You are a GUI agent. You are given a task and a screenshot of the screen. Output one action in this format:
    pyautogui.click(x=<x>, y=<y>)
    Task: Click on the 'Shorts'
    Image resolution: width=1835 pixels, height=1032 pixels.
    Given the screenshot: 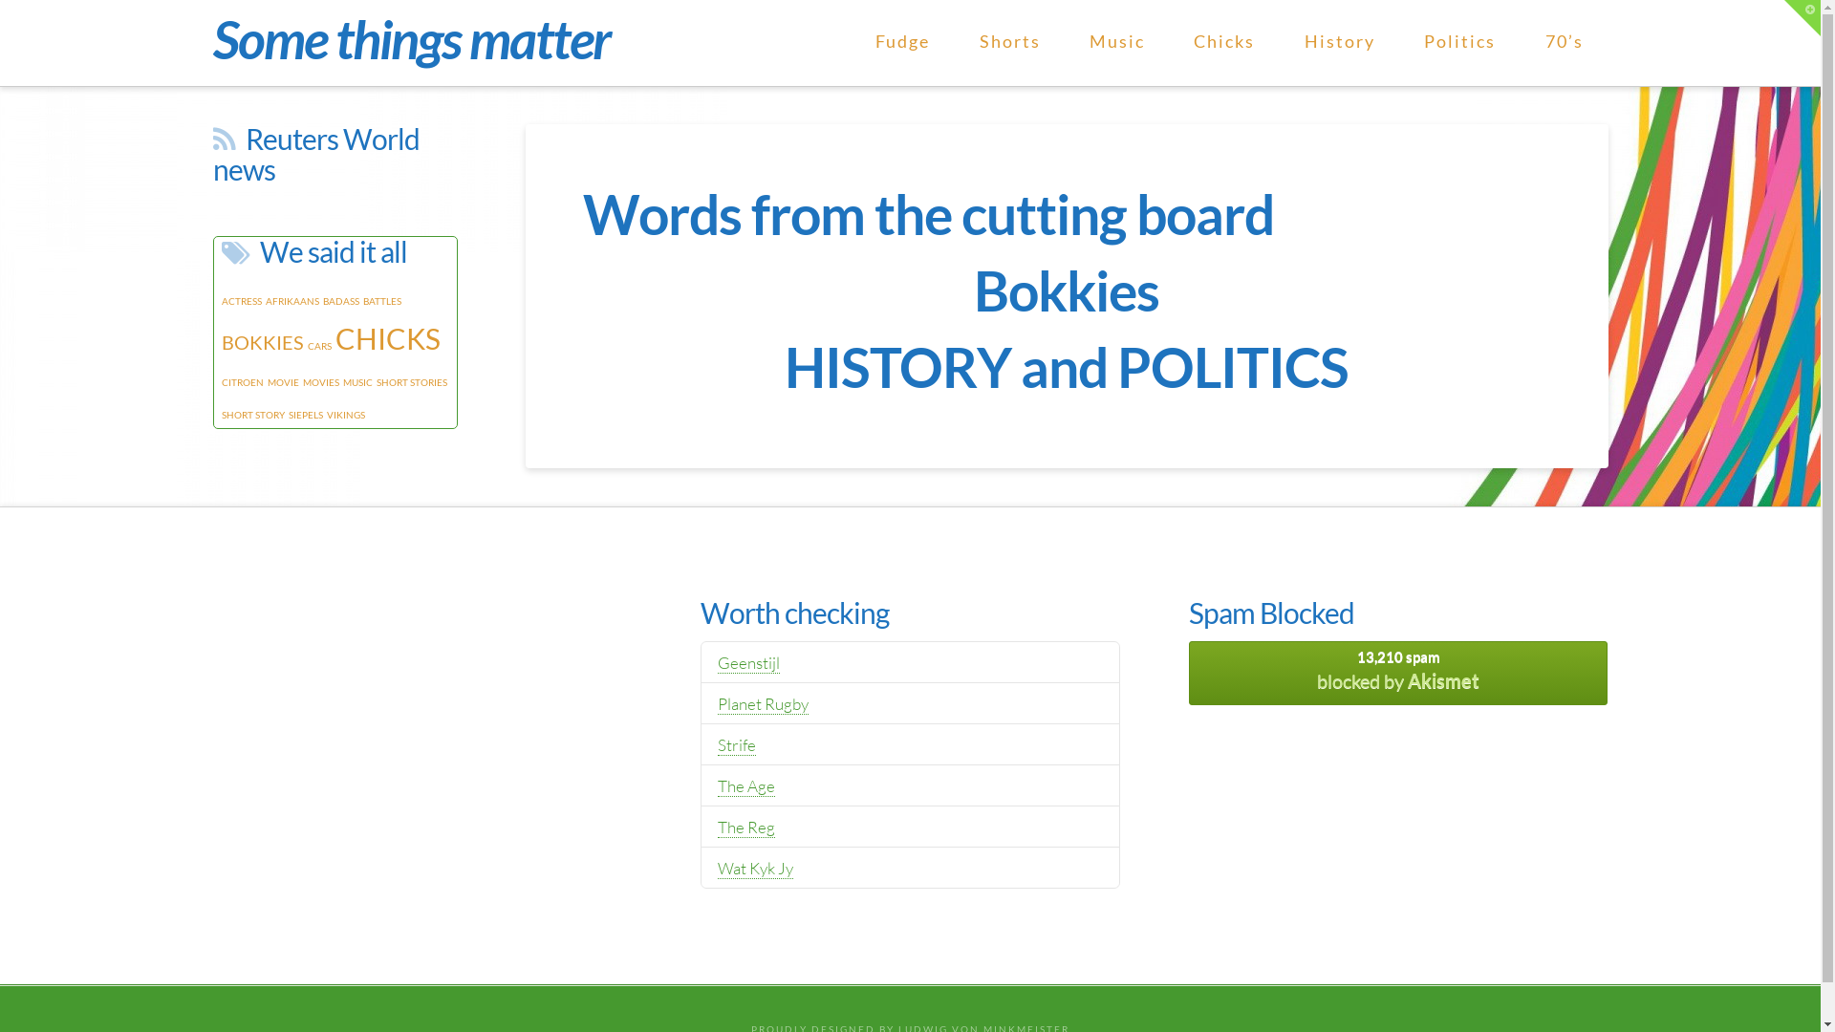 What is the action you would take?
    pyautogui.click(x=1008, y=43)
    